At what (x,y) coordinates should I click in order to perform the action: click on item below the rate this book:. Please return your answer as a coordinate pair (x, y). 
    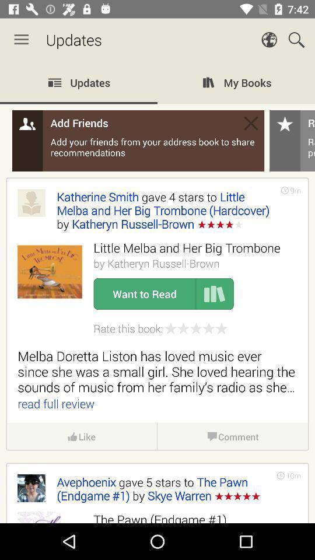
    Looking at the image, I should click on (157, 371).